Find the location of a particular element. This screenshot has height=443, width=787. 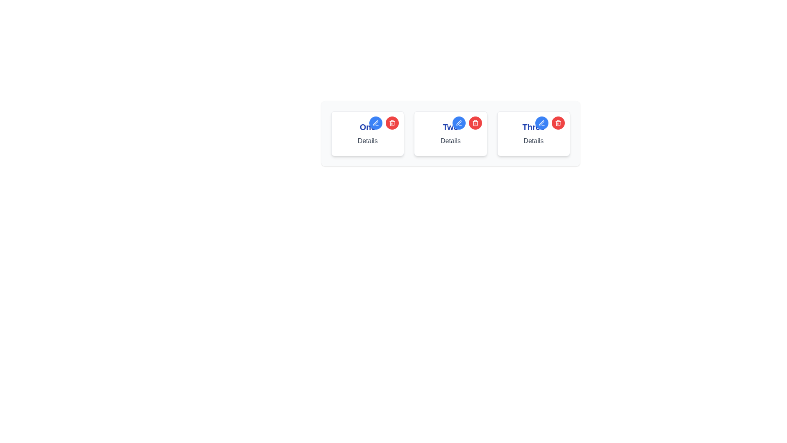

the trash can icon located in the middle card of a three-card layout, positioned near the top-right corner of the card is located at coordinates (392, 123).